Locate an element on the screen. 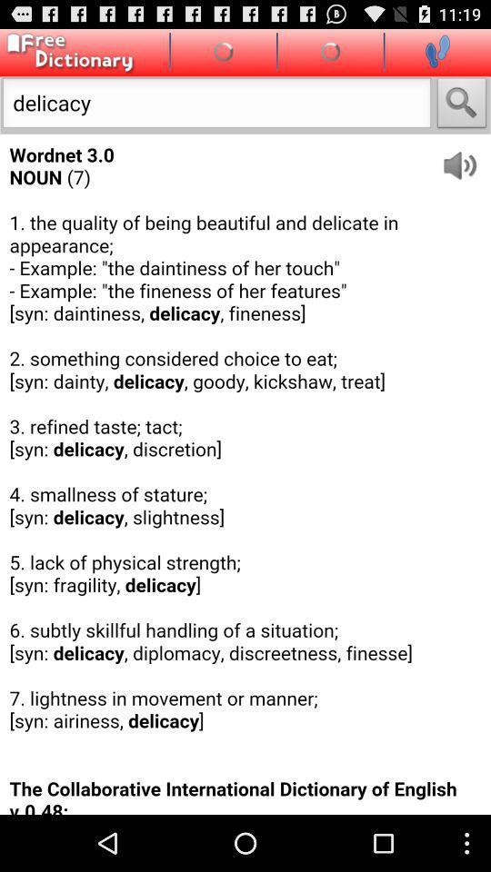 The image size is (491, 872). change volume is located at coordinates (466, 158).